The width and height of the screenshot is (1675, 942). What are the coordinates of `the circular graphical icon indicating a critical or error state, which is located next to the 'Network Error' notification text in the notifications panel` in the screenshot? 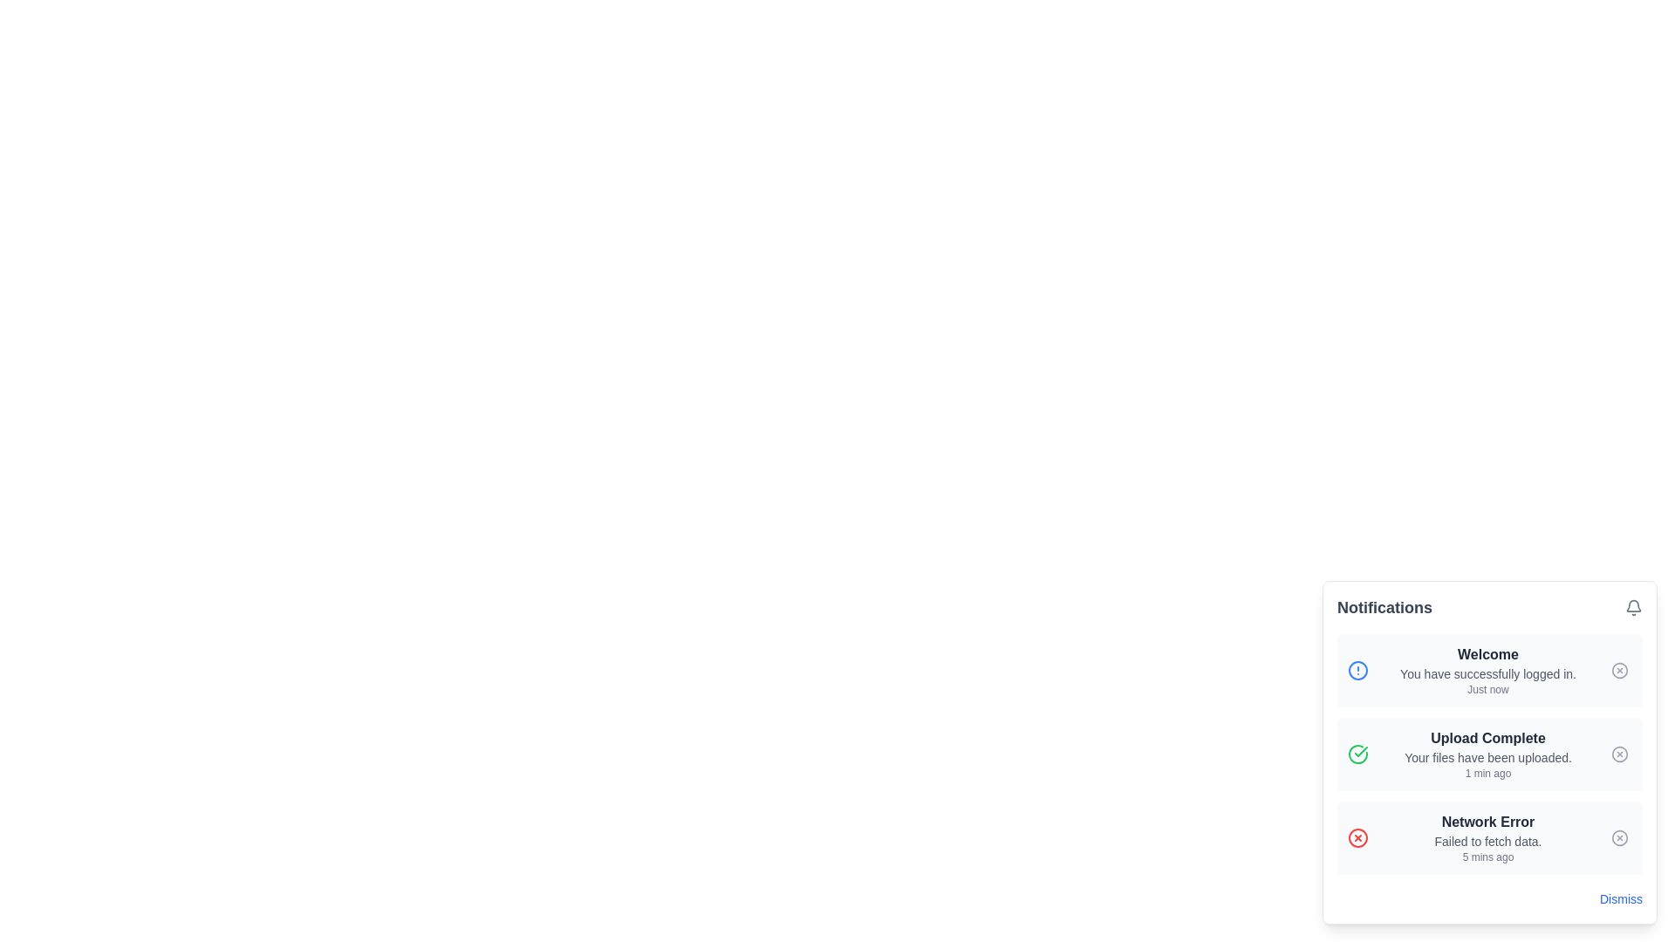 It's located at (1357, 836).